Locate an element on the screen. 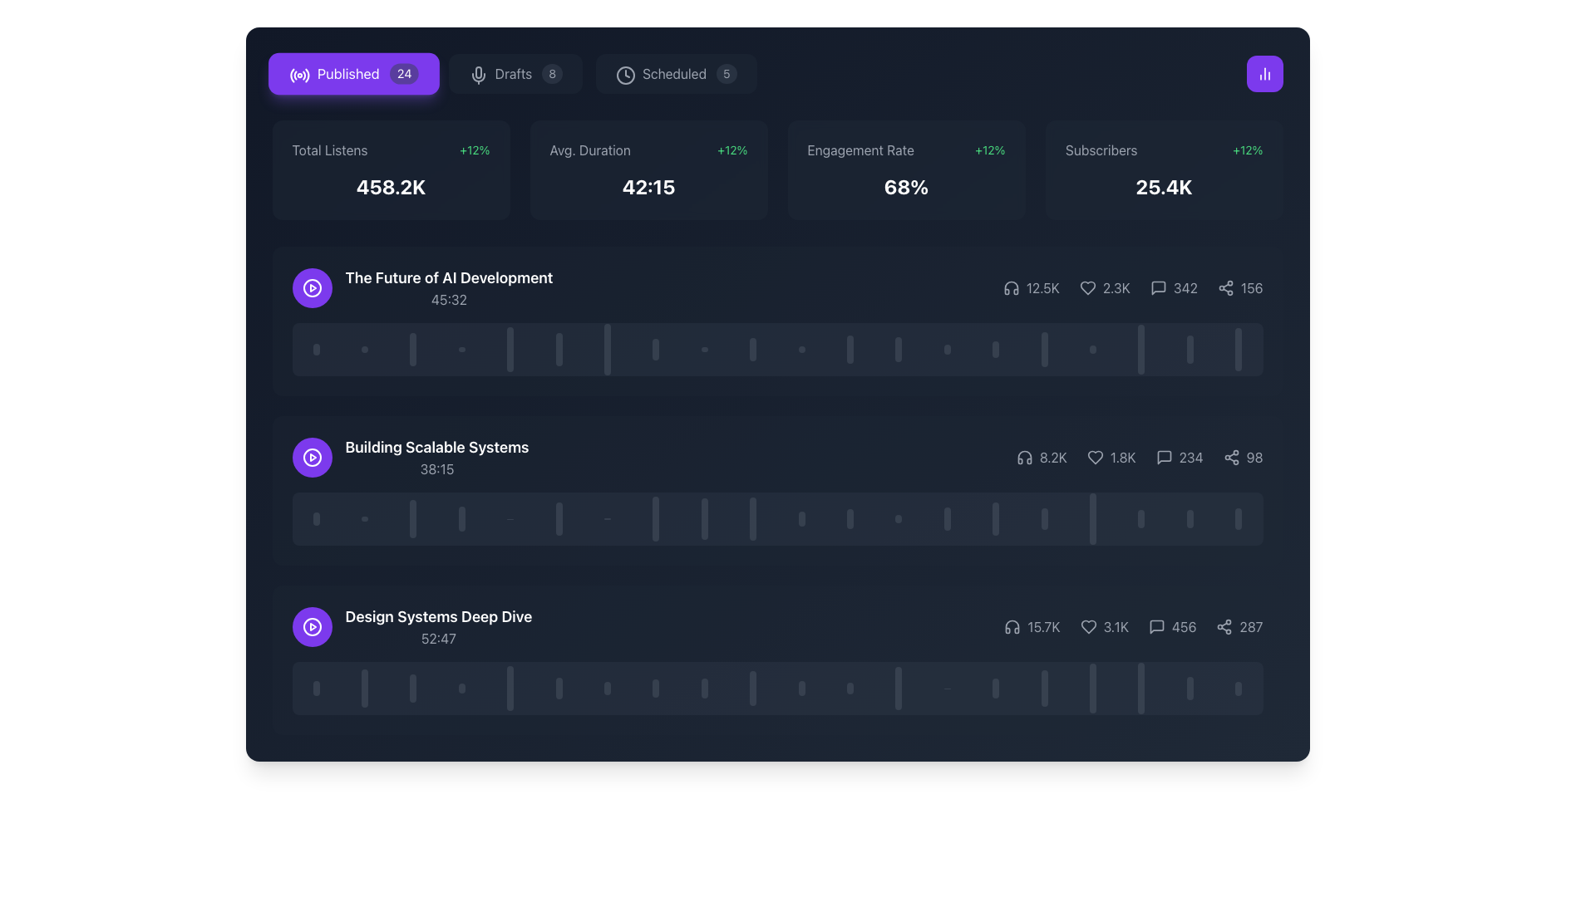  text value '3.1K' from the light gray text label located to the right of the heart-shaped icon, which indicates likes or interactions is located at coordinates (1116, 627).